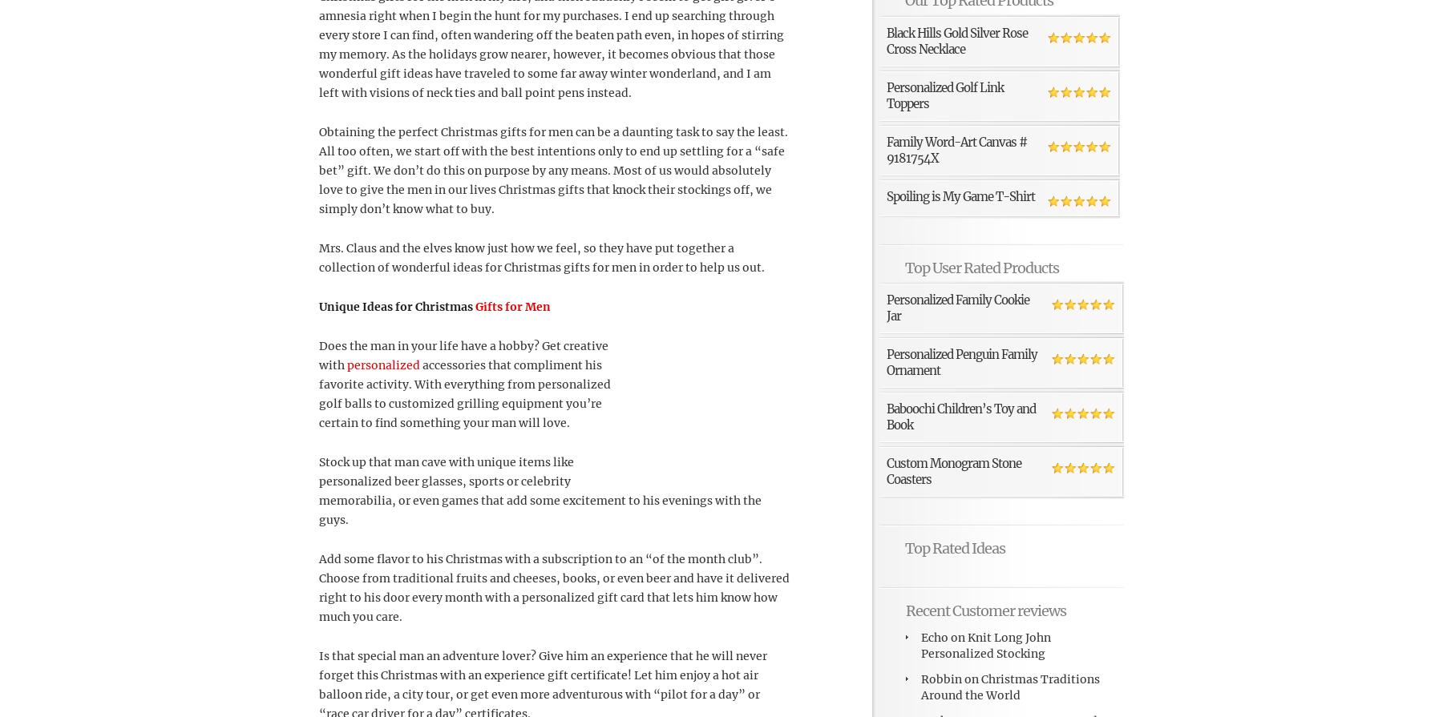 The height and width of the screenshot is (717, 1443). What do you see at coordinates (961, 361) in the screenshot?
I see `'Personalized Penguin Family Ornament'` at bounding box center [961, 361].